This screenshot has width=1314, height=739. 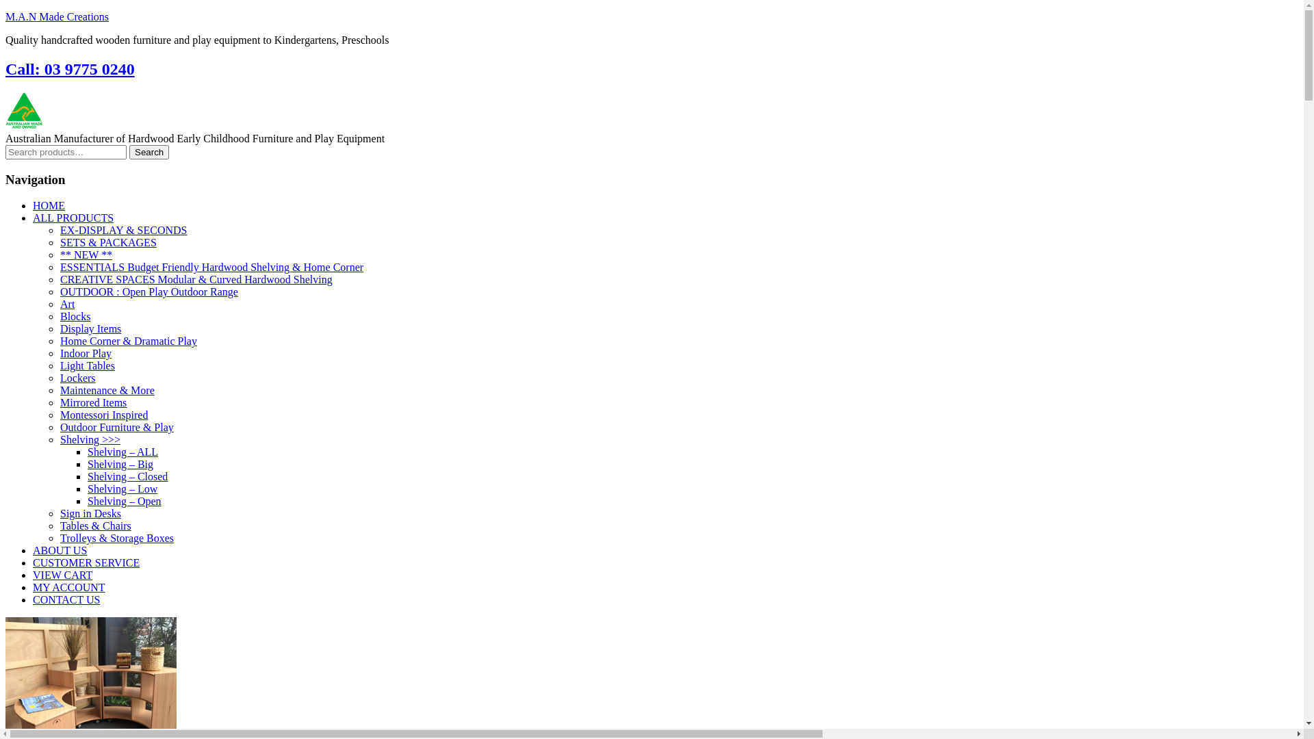 I want to click on 'Trolleys & Storage Boxes', so click(x=117, y=537).